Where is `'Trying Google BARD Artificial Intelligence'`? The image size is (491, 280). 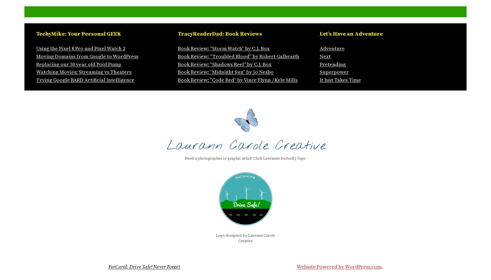 'Trying Google BARD Artificial Intelligence' is located at coordinates (85, 80).